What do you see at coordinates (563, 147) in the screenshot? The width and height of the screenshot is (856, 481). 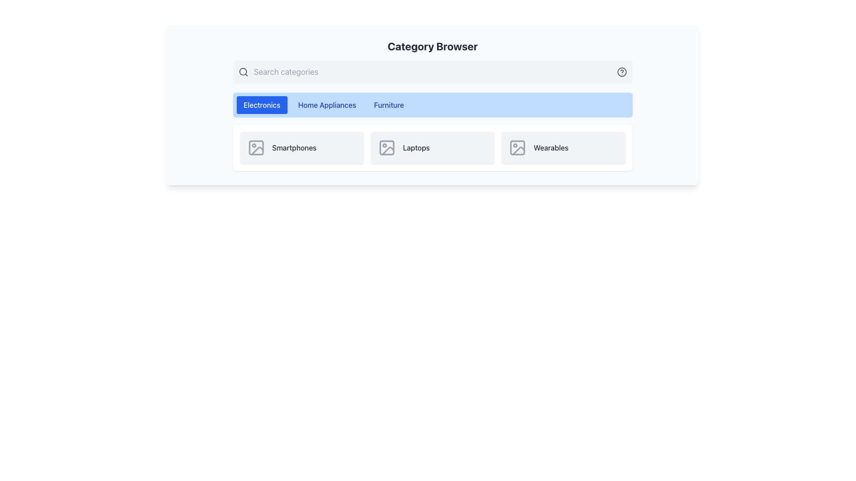 I see `the 'Wearables' button located in the third position from the left in a row of three buttons` at bounding box center [563, 147].